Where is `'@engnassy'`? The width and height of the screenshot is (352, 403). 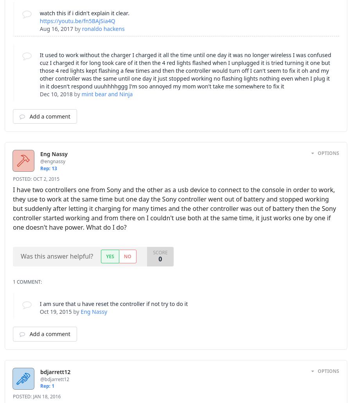
'@engnassy' is located at coordinates (53, 161).